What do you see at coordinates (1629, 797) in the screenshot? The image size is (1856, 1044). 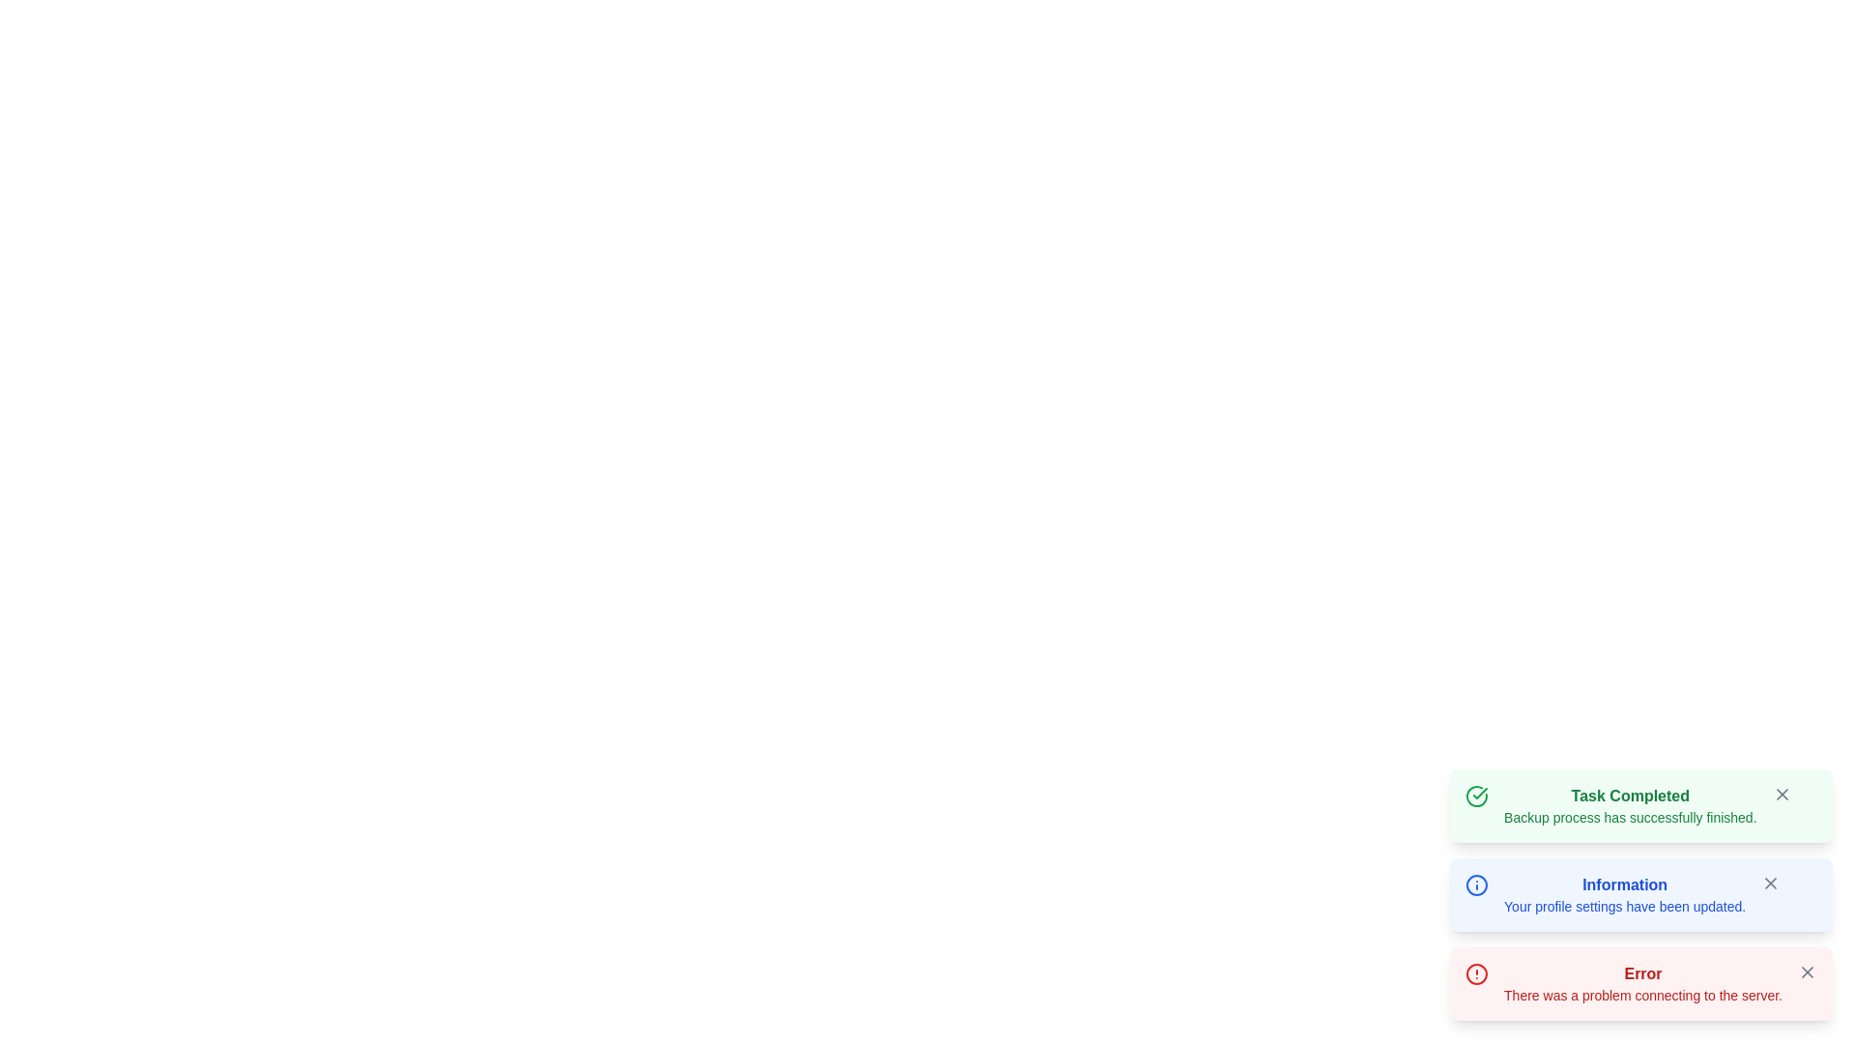 I see `the 'Task Completed' text label located at the top of the notification box indicating successful task completion` at bounding box center [1629, 797].